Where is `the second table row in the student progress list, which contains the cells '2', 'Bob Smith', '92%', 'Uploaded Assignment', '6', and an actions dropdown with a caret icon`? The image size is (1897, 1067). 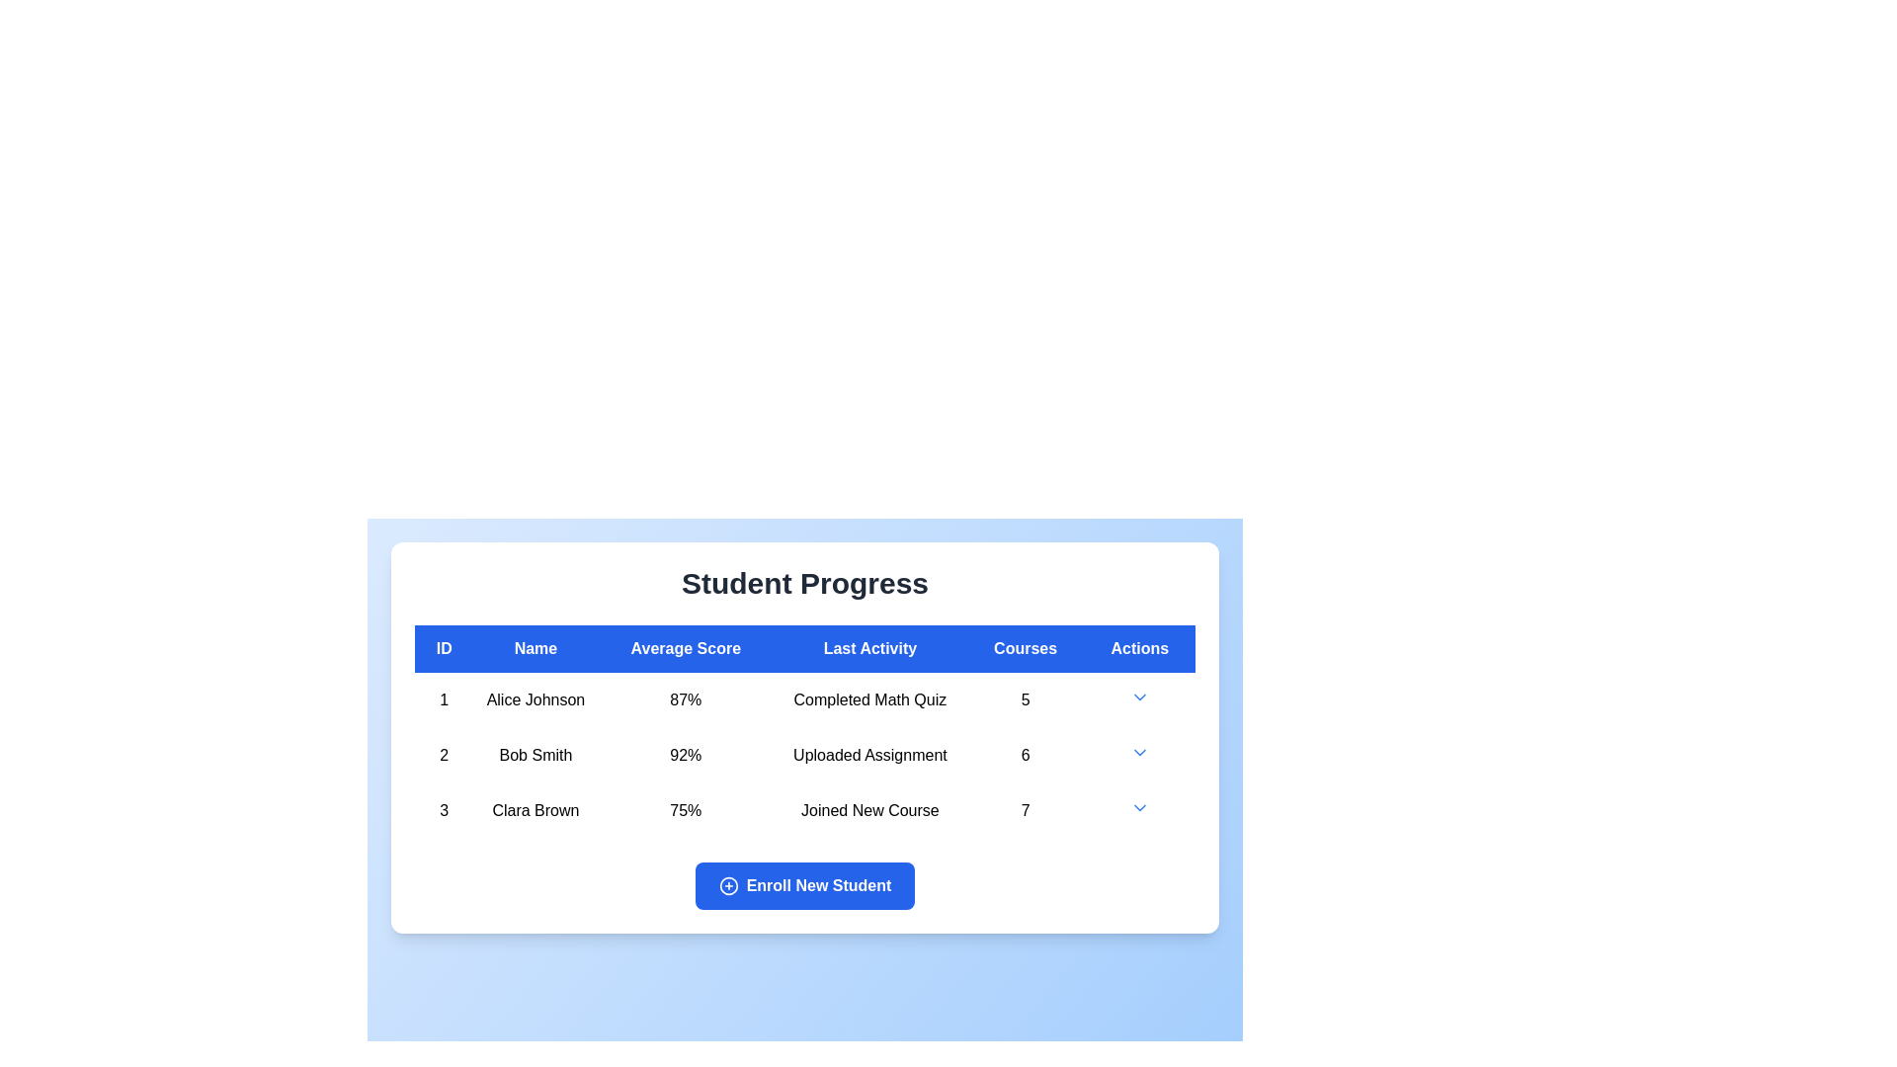
the second table row in the student progress list, which contains the cells '2', 'Bob Smith', '92%', 'Uploaded Assignment', '6', and an actions dropdown with a caret icon is located at coordinates (805, 755).